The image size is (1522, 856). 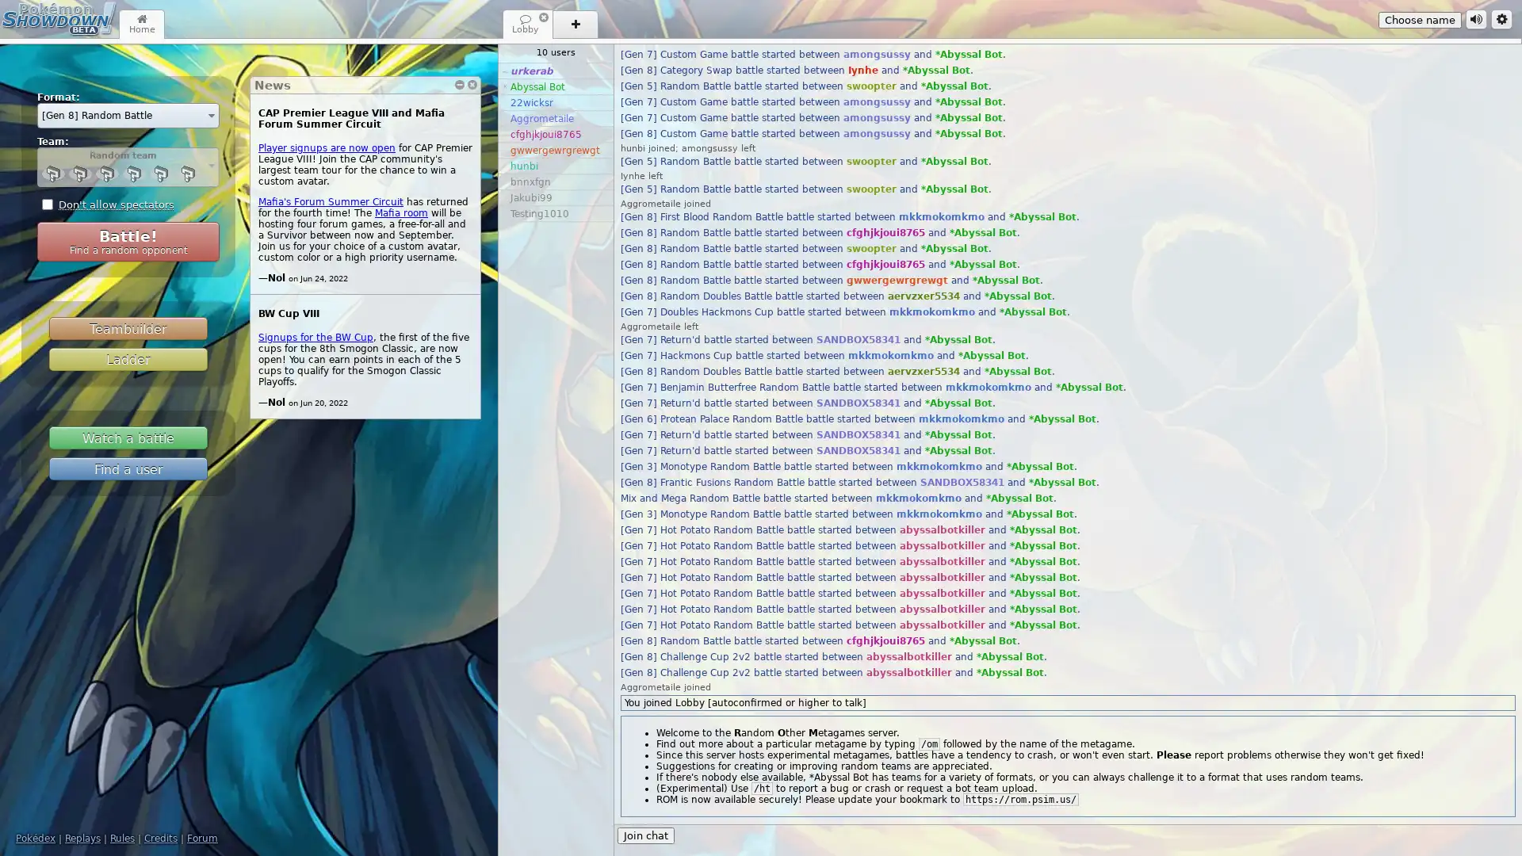 I want to click on Random team, so click(x=128, y=167).